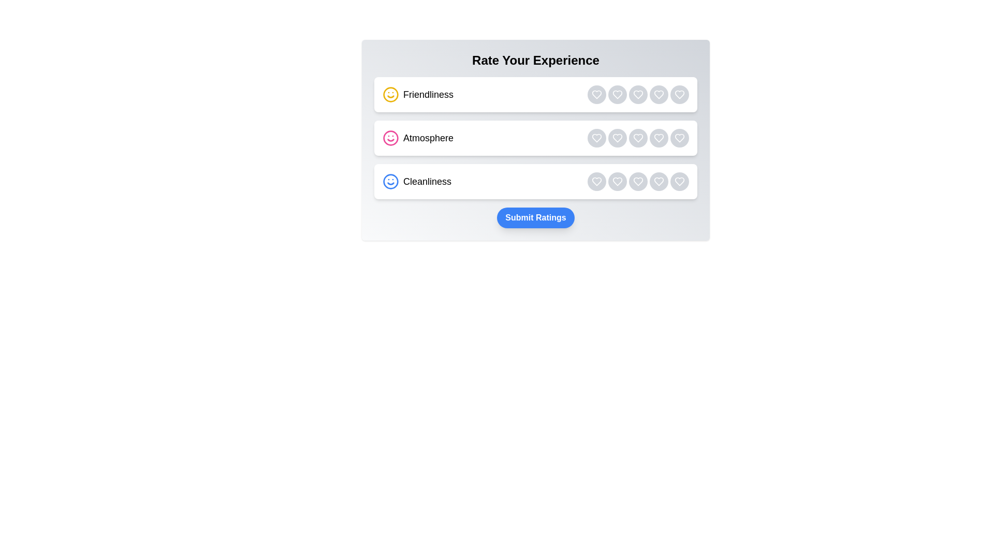 This screenshot has height=559, width=994. I want to click on the rating button for category Friendliness with rating 4, so click(658, 94).